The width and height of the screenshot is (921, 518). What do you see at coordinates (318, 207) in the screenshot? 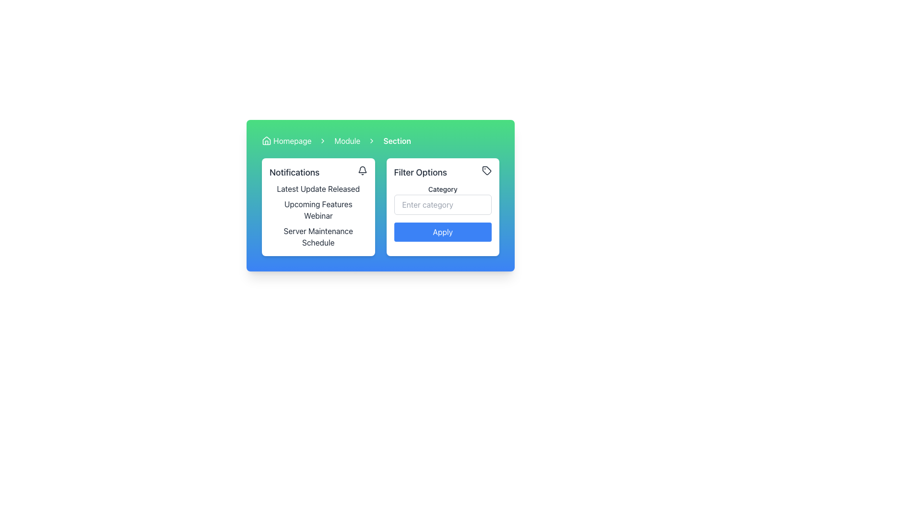
I see `notifications displayed in the white rectangular box labeled 'Notifications', which contains a heading and three lines of text representing updates` at bounding box center [318, 207].